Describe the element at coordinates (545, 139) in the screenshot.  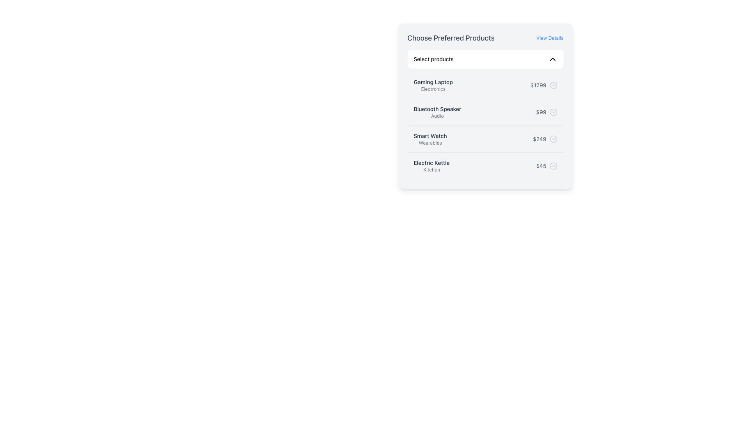
I see `the price text label for the 'Smart Watch' product located in the 'Choose Preferred Products' section, which is aligned to the right of the product name` at that location.